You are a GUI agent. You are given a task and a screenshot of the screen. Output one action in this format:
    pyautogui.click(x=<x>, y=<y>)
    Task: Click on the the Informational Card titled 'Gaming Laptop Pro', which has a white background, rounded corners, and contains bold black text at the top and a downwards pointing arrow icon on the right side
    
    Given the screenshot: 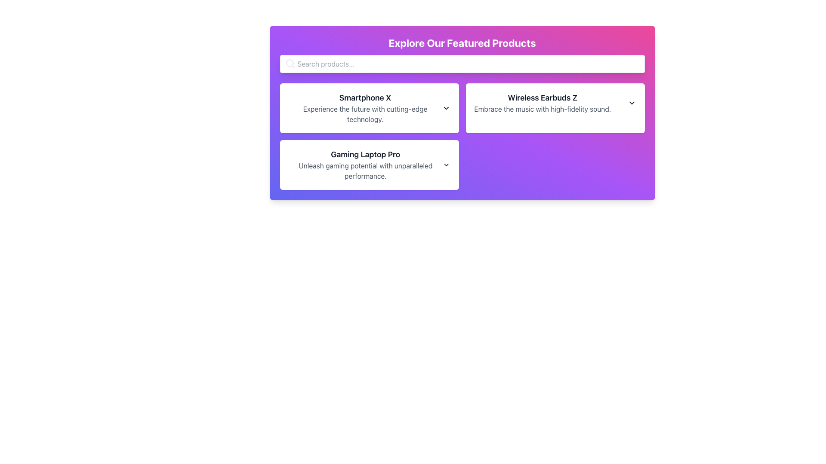 What is the action you would take?
    pyautogui.click(x=369, y=165)
    